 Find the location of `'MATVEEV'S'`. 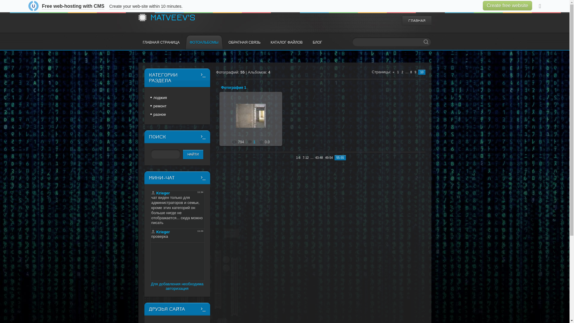

'MATVEEV'S' is located at coordinates (172, 17).